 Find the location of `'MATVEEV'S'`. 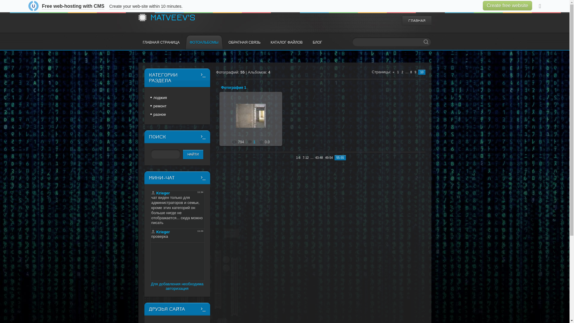

'MATVEEV'S' is located at coordinates (172, 17).